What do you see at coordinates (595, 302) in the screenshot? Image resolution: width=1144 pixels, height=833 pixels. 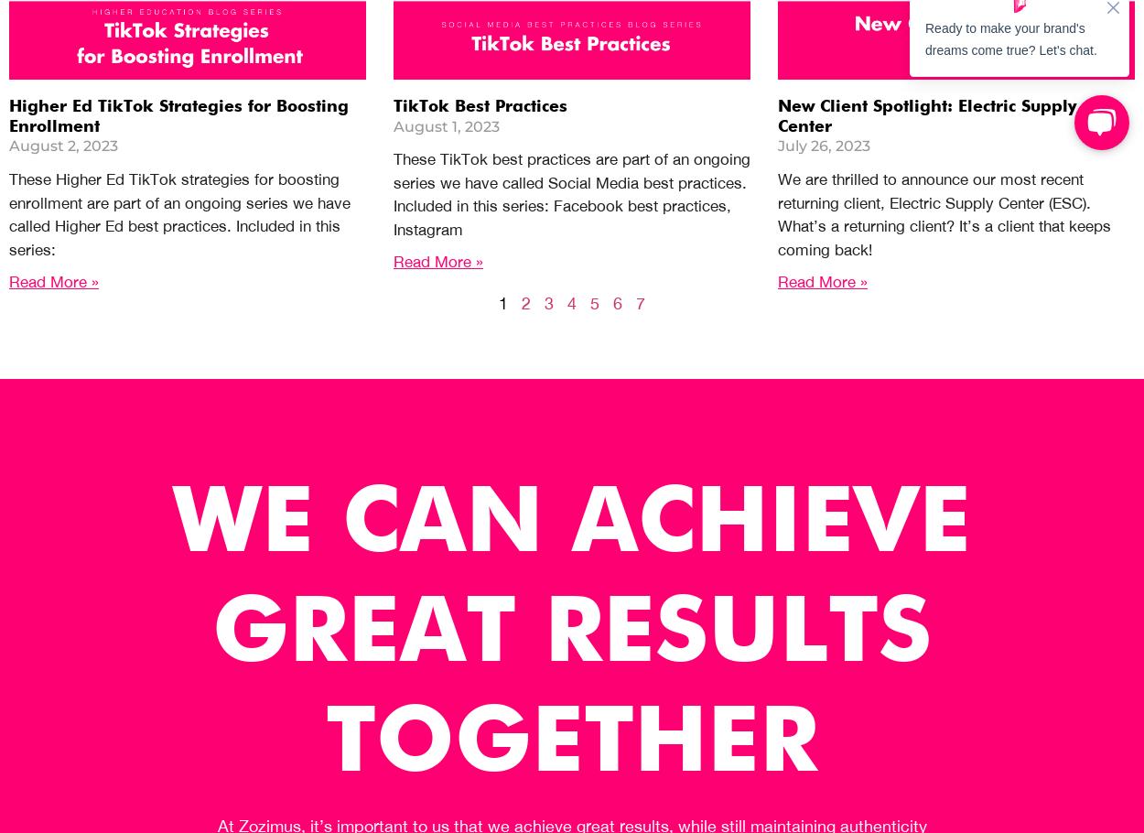 I see `'5'` at bounding box center [595, 302].